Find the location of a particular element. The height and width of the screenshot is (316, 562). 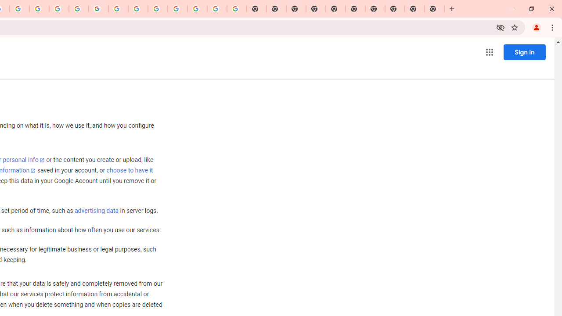

'personal info' is located at coordinates (24, 160).